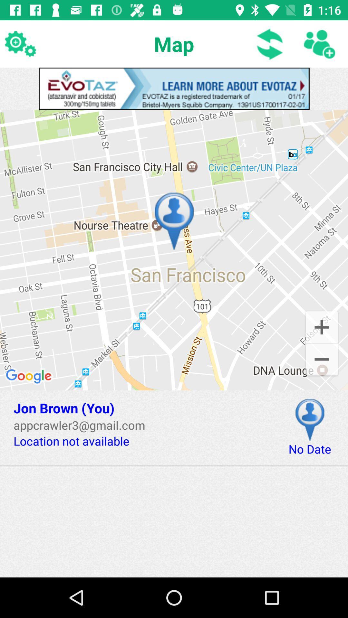 The image size is (348, 618). I want to click on settings, so click(20, 43).